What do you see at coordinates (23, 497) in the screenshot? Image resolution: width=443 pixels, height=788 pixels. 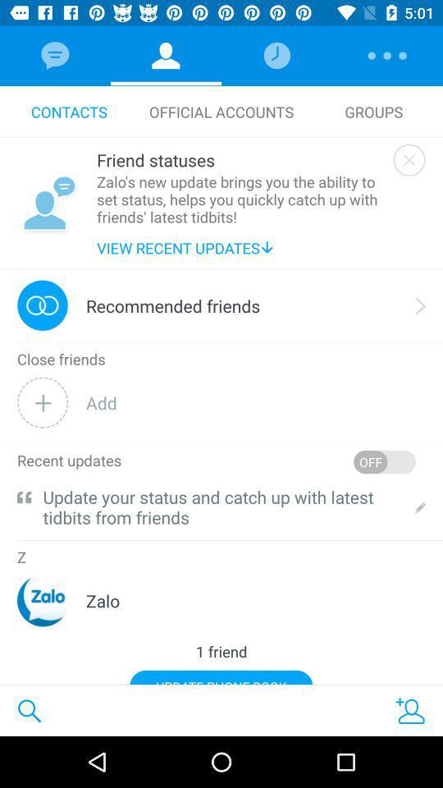 I see `icon next to update your status item` at bounding box center [23, 497].